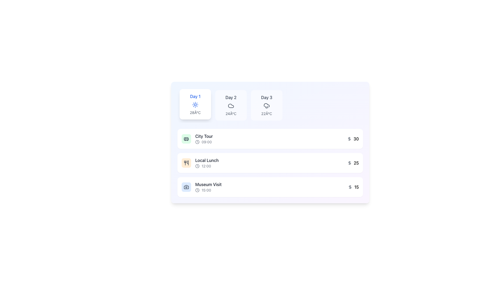 The height and width of the screenshot is (283, 504). I want to click on the 'Local Lunch' schedule item in the list, so click(270, 162).